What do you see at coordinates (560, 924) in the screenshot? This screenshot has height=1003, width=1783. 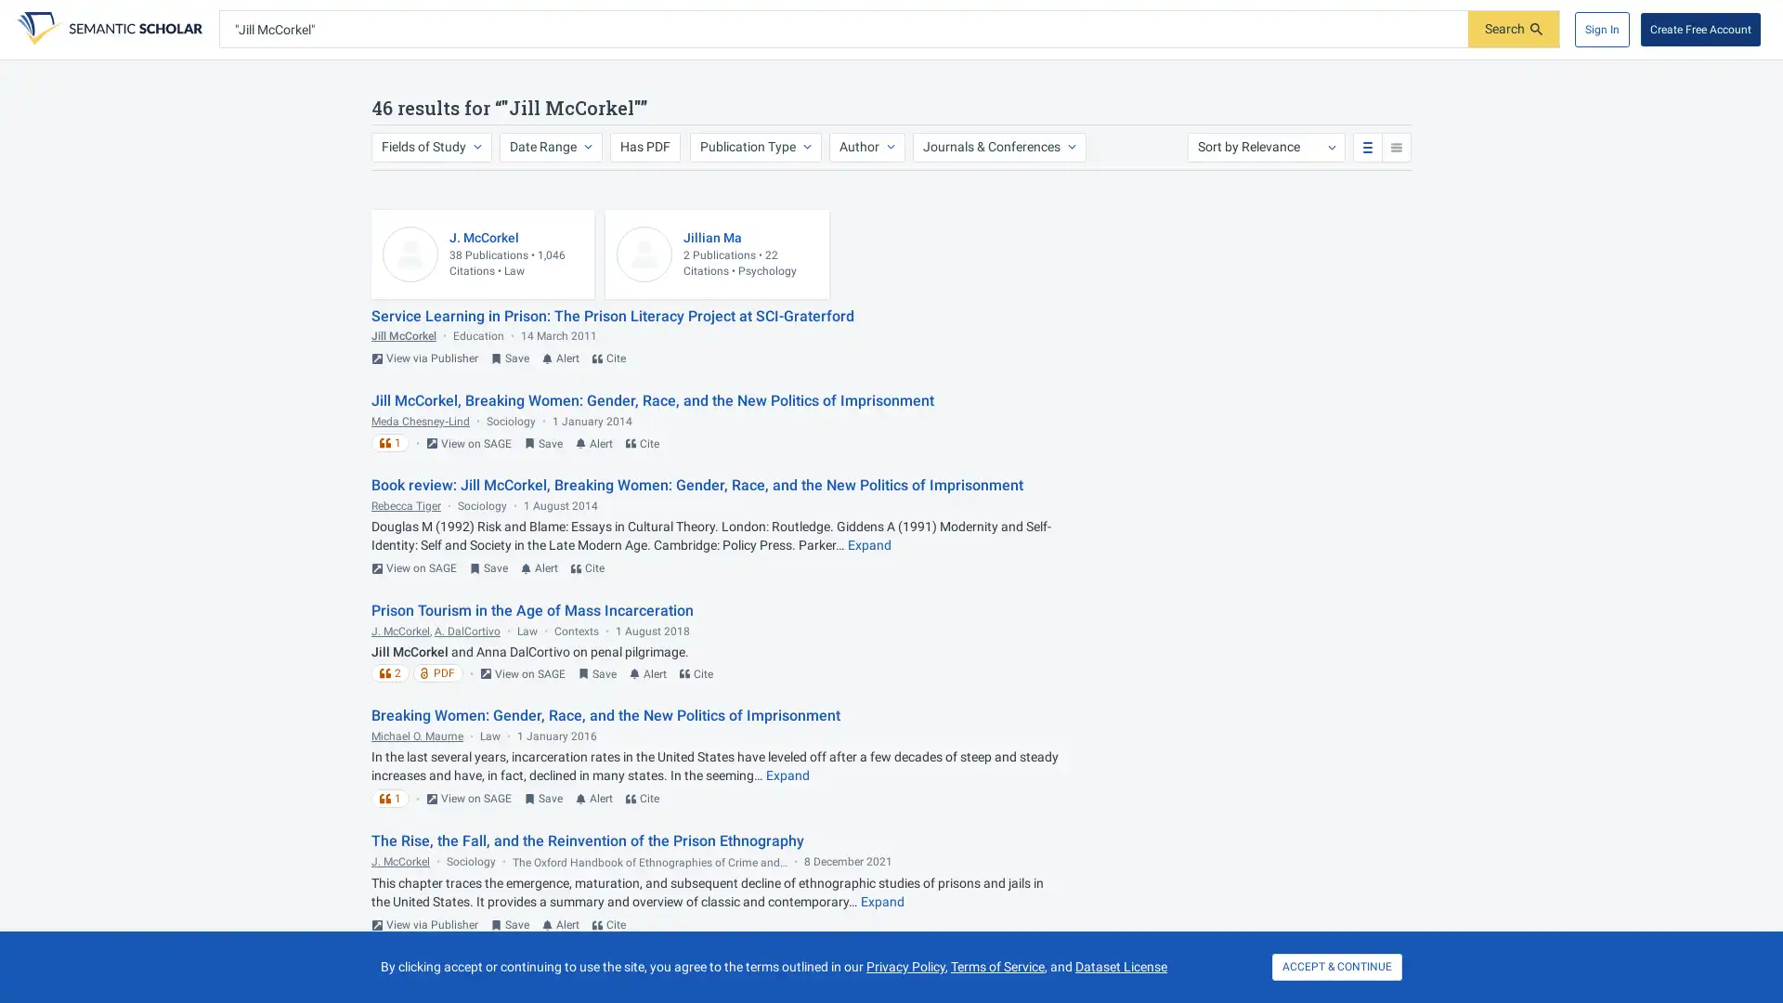 I see `Turn on email alert for this paper` at bounding box center [560, 924].